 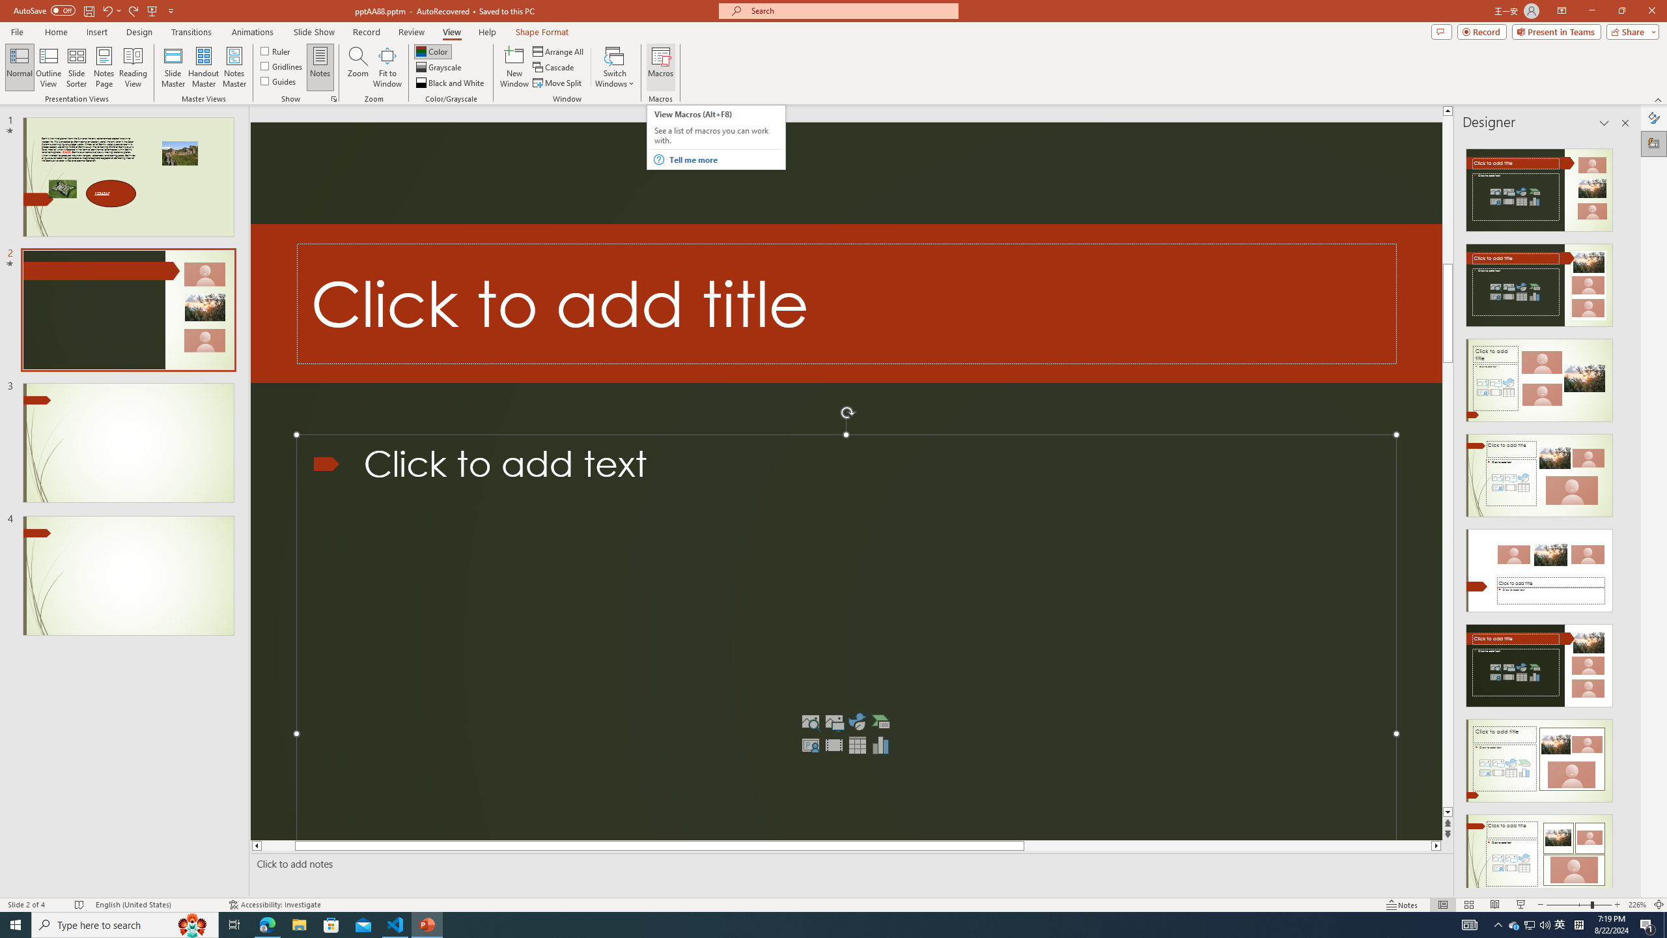 I want to click on 'Slide Master', so click(x=173, y=67).